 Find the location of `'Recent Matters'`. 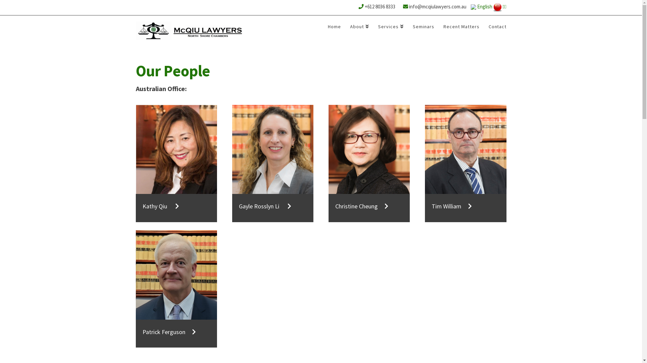

'Recent Matters' is located at coordinates (461, 28).